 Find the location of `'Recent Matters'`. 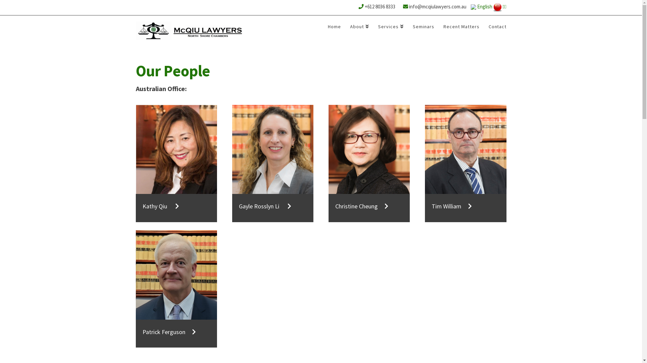

'Recent Matters' is located at coordinates (461, 28).